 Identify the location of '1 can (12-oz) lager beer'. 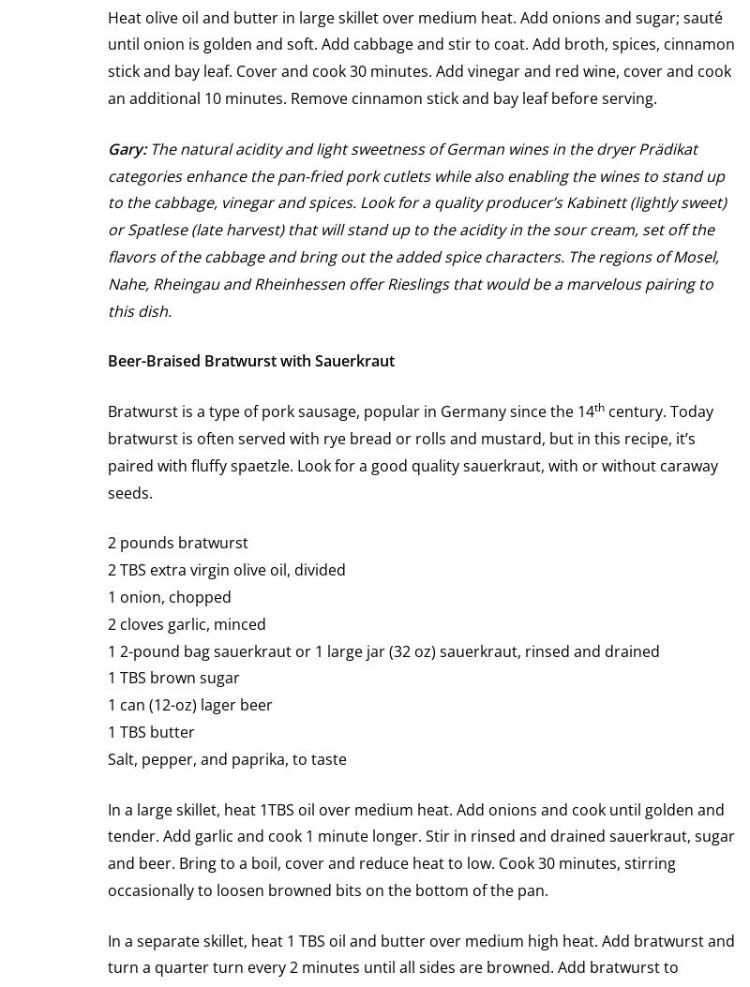
(190, 704).